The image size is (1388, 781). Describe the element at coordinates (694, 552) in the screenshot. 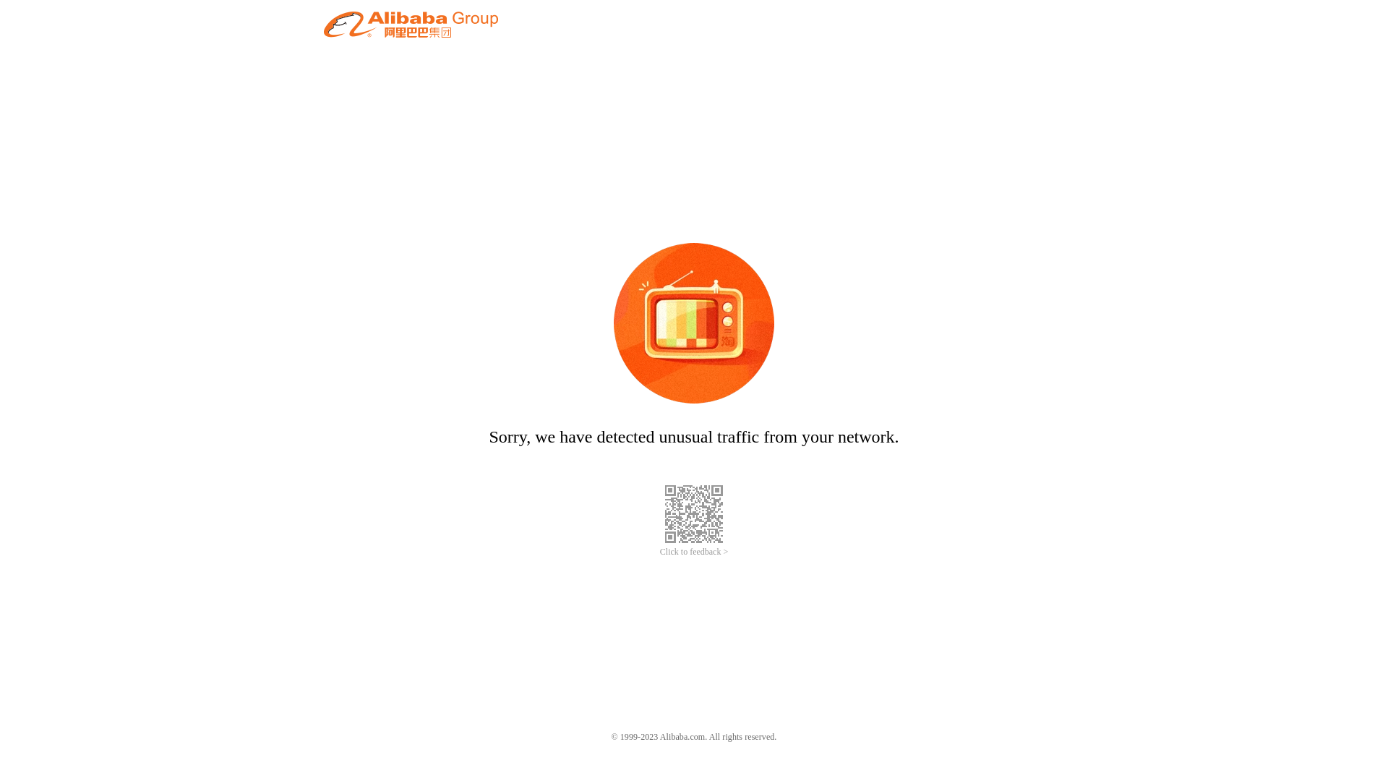

I see `'Click to feedback >'` at that location.